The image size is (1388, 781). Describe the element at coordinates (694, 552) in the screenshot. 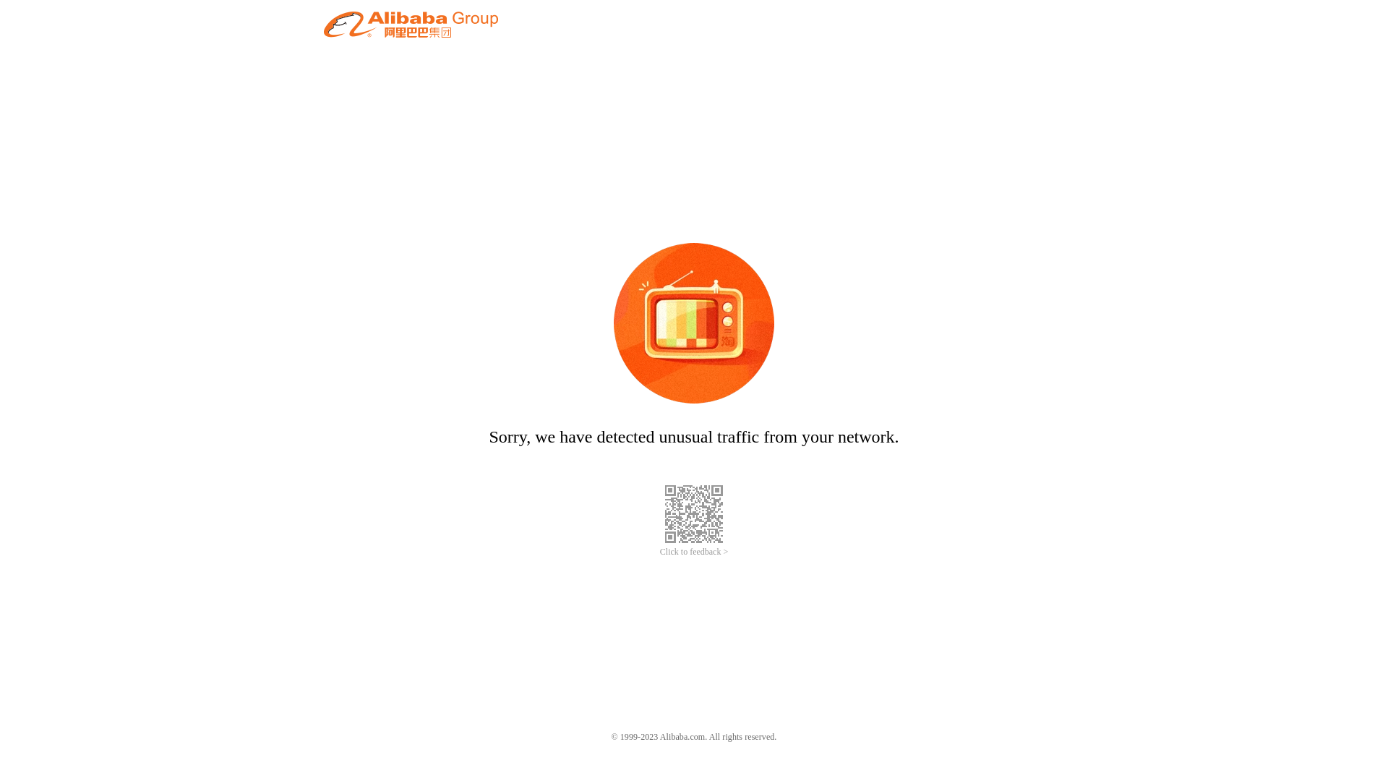

I see `'Click to feedback >'` at that location.